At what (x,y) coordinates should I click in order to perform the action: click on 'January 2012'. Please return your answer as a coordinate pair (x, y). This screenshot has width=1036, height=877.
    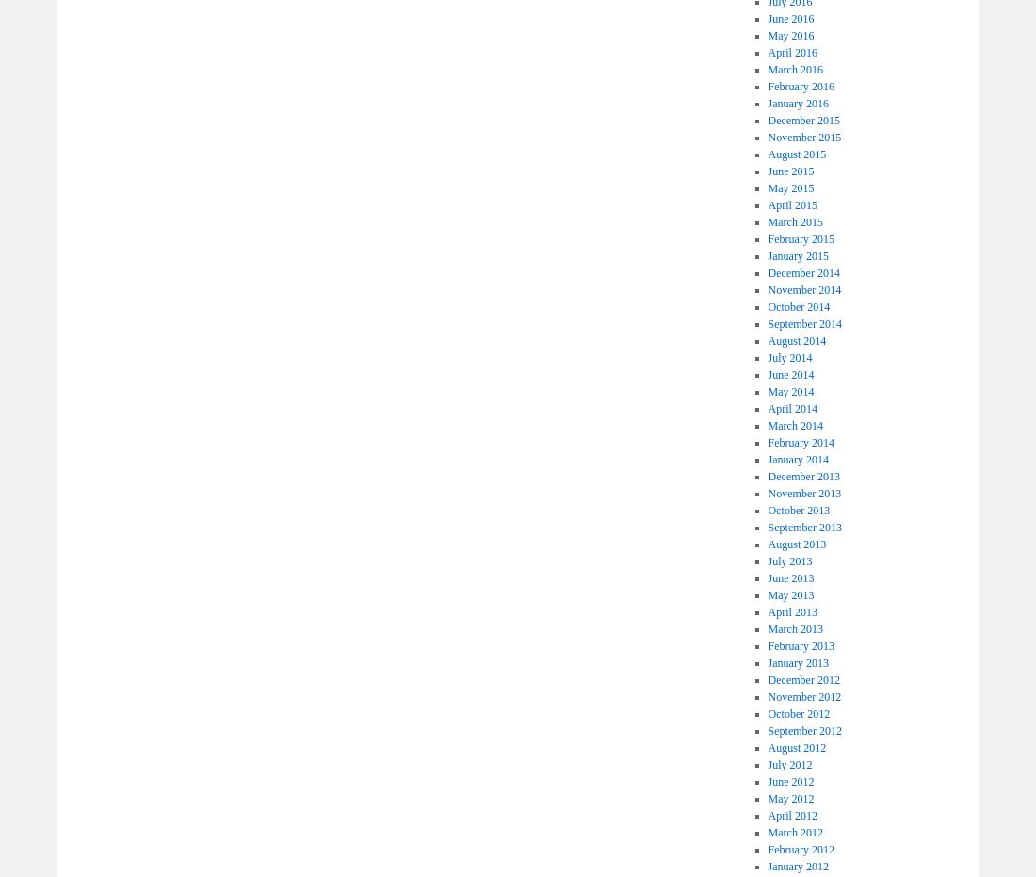
    Looking at the image, I should click on (797, 867).